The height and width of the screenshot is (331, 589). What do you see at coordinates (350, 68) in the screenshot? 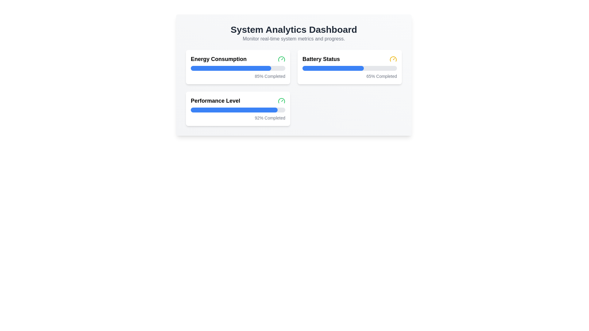
I see `the progress bar located in the 'Battery Status' card at the top-right of the dashboard, which has a gray background and a blue filled portion indicating progress` at bounding box center [350, 68].